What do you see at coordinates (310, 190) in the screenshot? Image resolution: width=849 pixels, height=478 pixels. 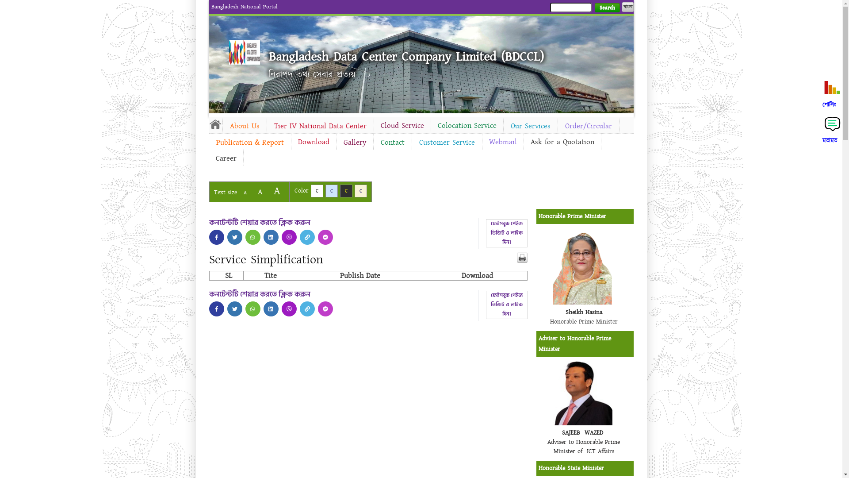 I see `'C'` at bounding box center [310, 190].